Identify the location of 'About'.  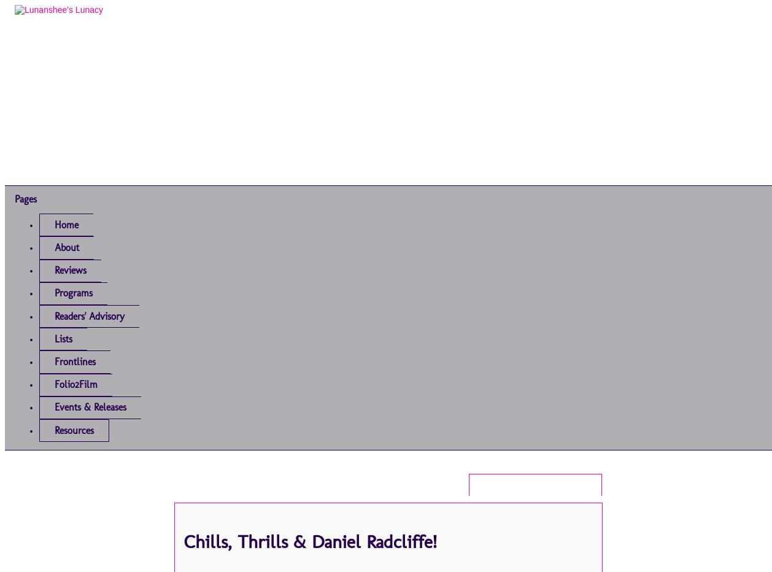
(54, 247).